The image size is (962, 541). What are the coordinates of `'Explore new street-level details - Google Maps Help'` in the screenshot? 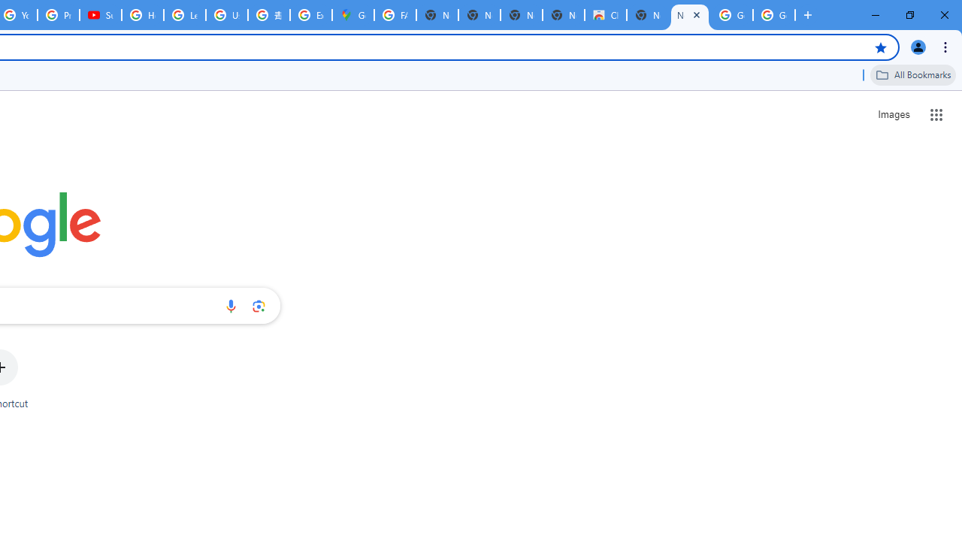 It's located at (310, 15).